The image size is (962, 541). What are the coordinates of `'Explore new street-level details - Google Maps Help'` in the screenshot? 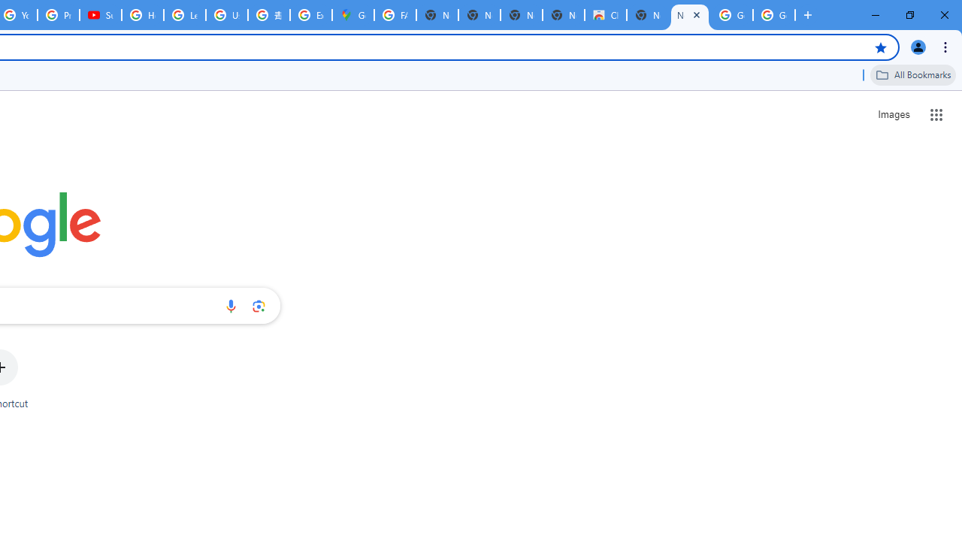 It's located at (310, 15).